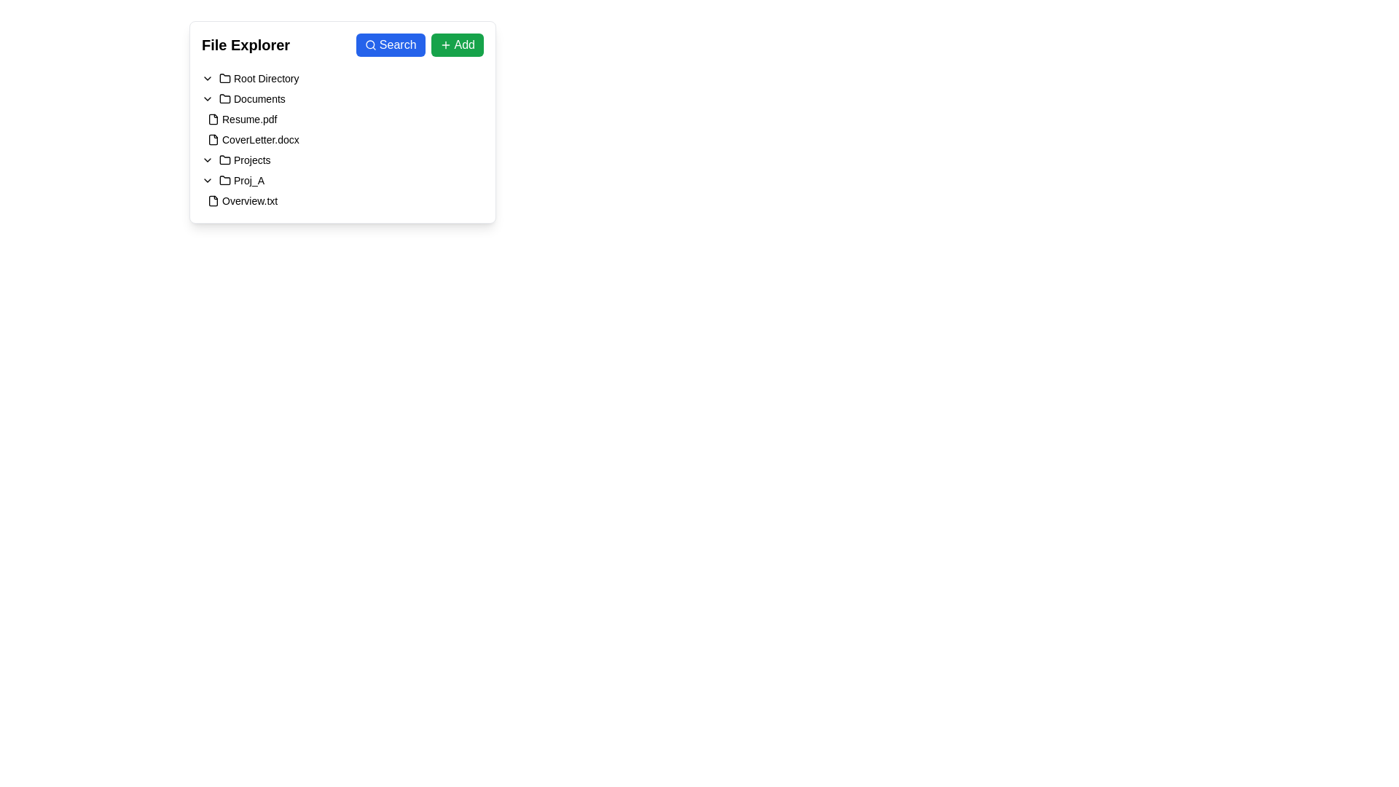 The height and width of the screenshot is (787, 1399). What do you see at coordinates (243, 201) in the screenshot?
I see `the 'Overview.txt' file item label in the file browser` at bounding box center [243, 201].